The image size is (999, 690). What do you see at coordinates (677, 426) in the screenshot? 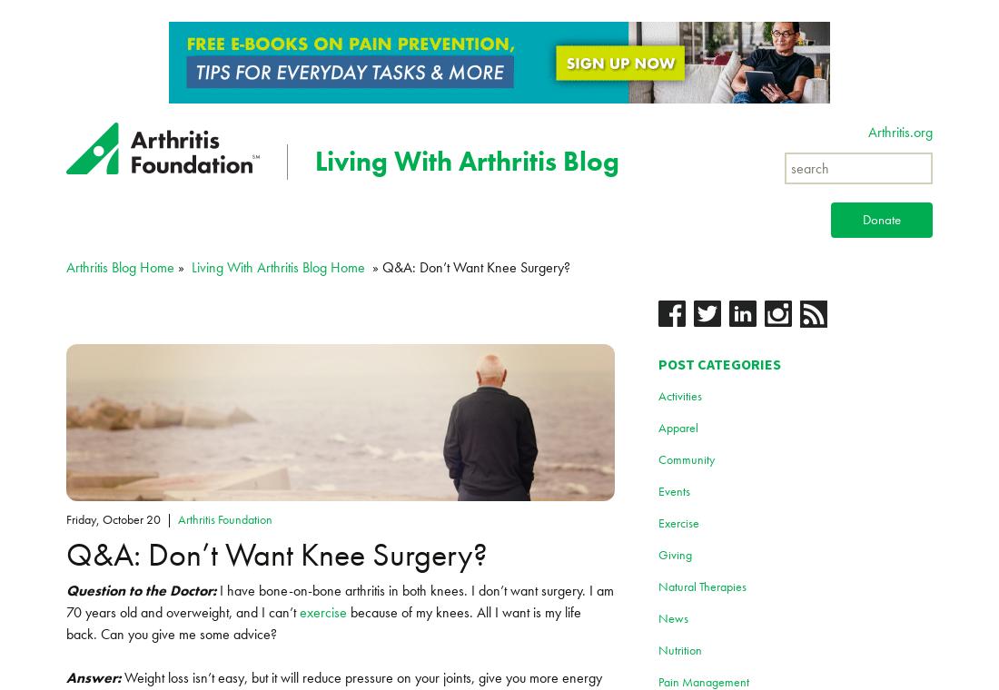
I see `'Apparel'` at bounding box center [677, 426].